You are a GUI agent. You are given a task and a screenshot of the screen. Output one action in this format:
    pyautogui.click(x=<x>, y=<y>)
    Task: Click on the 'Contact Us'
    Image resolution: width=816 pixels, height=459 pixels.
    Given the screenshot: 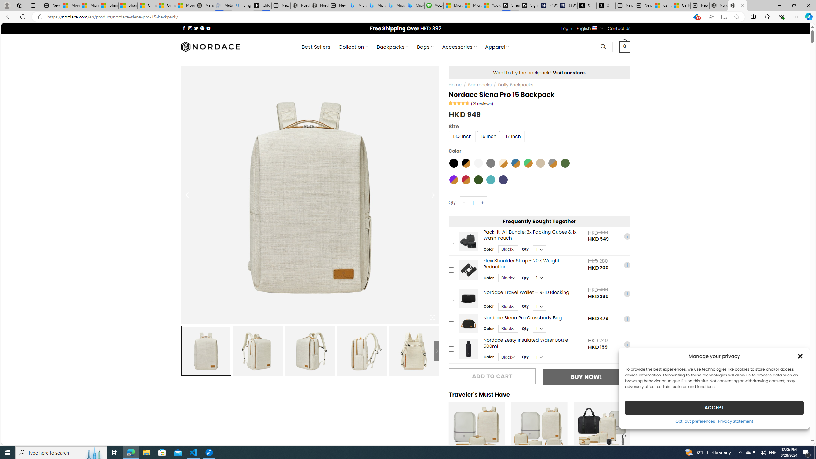 What is the action you would take?
    pyautogui.click(x=619, y=28)
    